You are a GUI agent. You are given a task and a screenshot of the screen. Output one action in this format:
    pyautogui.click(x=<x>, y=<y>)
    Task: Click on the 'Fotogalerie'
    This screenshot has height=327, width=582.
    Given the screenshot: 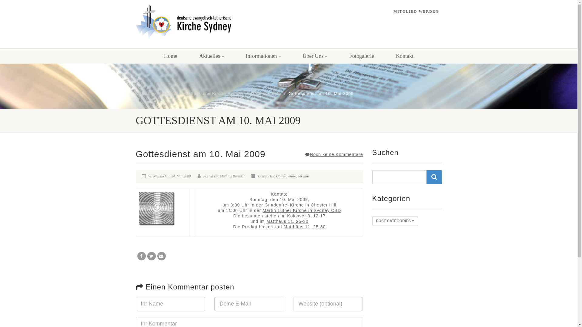 What is the action you would take?
    pyautogui.click(x=362, y=56)
    